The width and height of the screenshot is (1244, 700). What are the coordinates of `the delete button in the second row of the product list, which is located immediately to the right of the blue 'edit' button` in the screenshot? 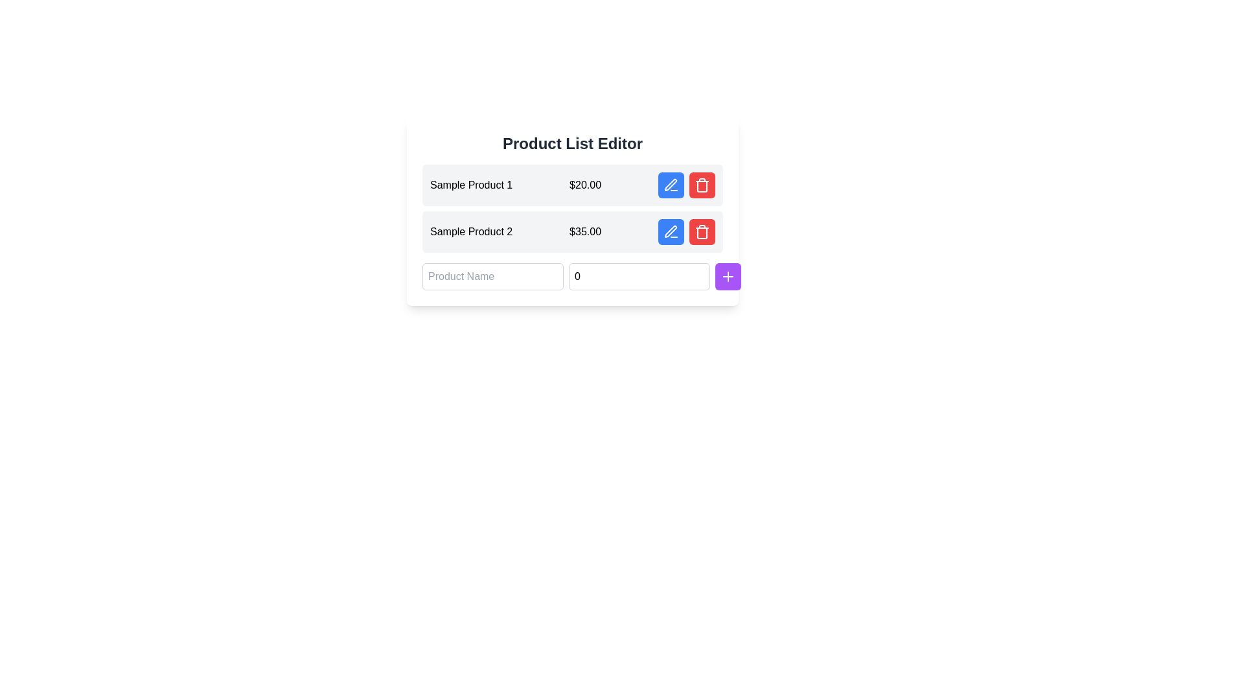 It's located at (702, 231).